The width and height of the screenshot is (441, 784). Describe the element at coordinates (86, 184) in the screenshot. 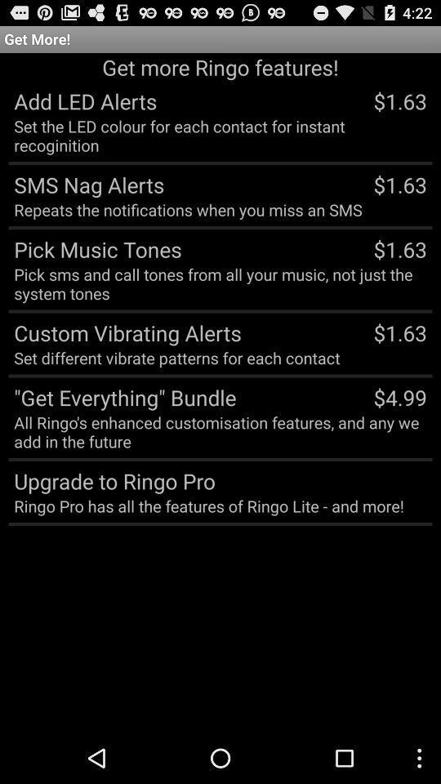

I see `the icon below set the led app` at that location.